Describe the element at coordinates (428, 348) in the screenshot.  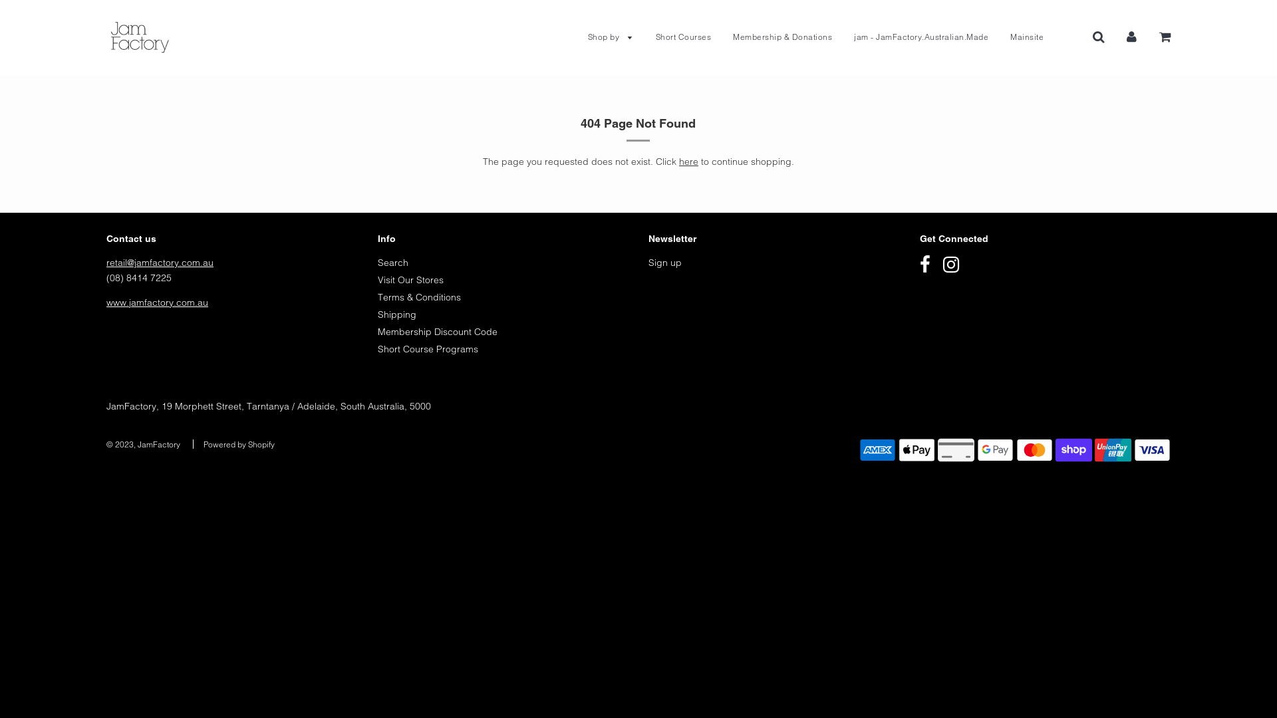
I see `'Short Course Programs'` at that location.